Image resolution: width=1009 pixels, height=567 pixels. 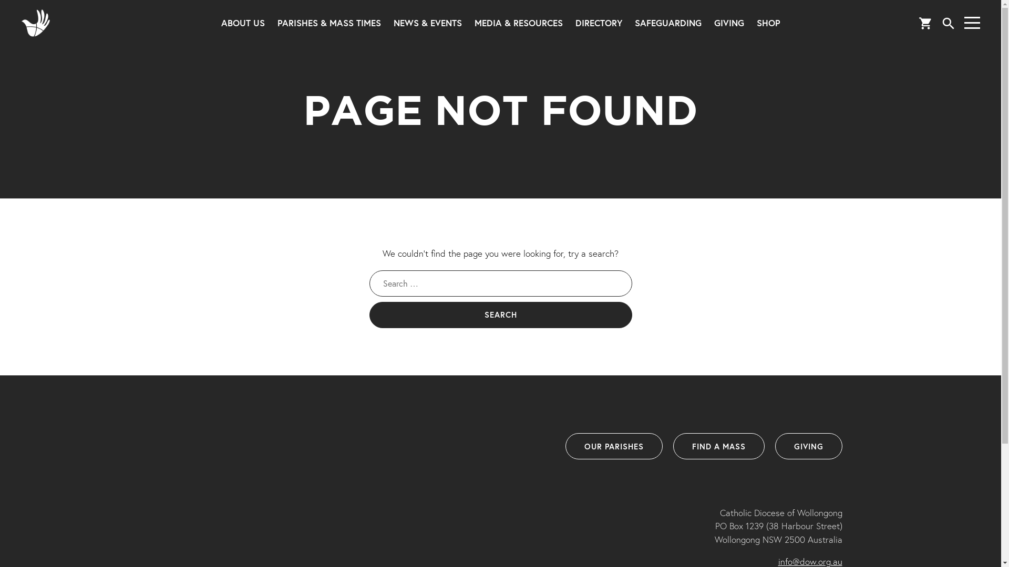 What do you see at coordinates (807, 446) in the screenshot?
I see `'GIVING'` at bounding box center [807, 446].